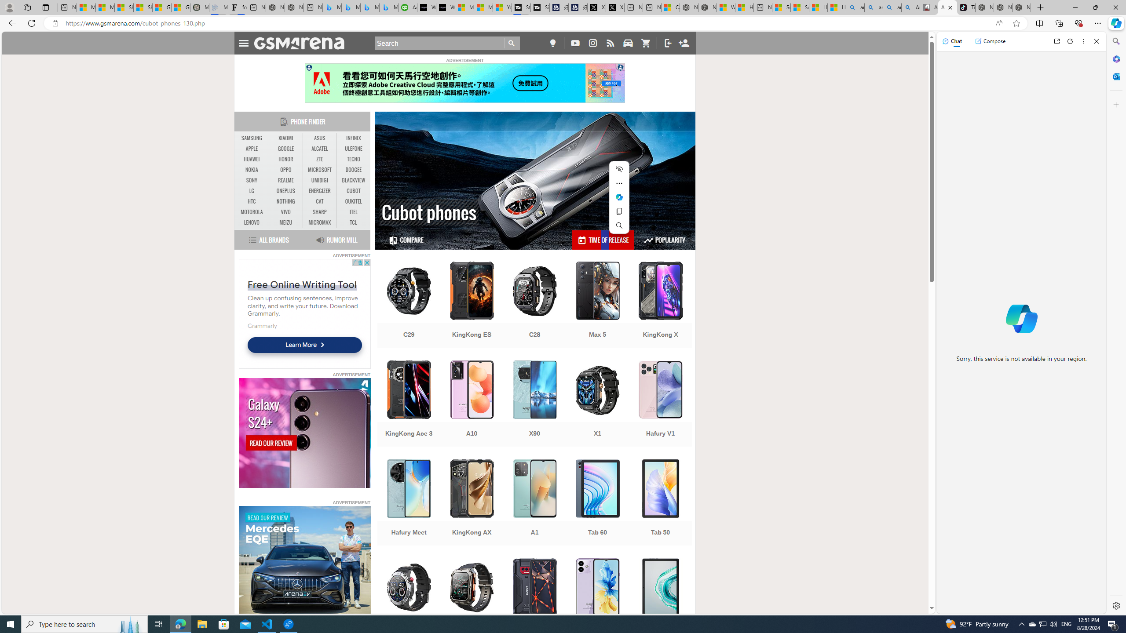 The width and height of the screenshot is (1126, 633). What do you see at coordinates (353, 170) in the screenshot?
I see `'DOOGEE'` at bounding box center [353, 170].